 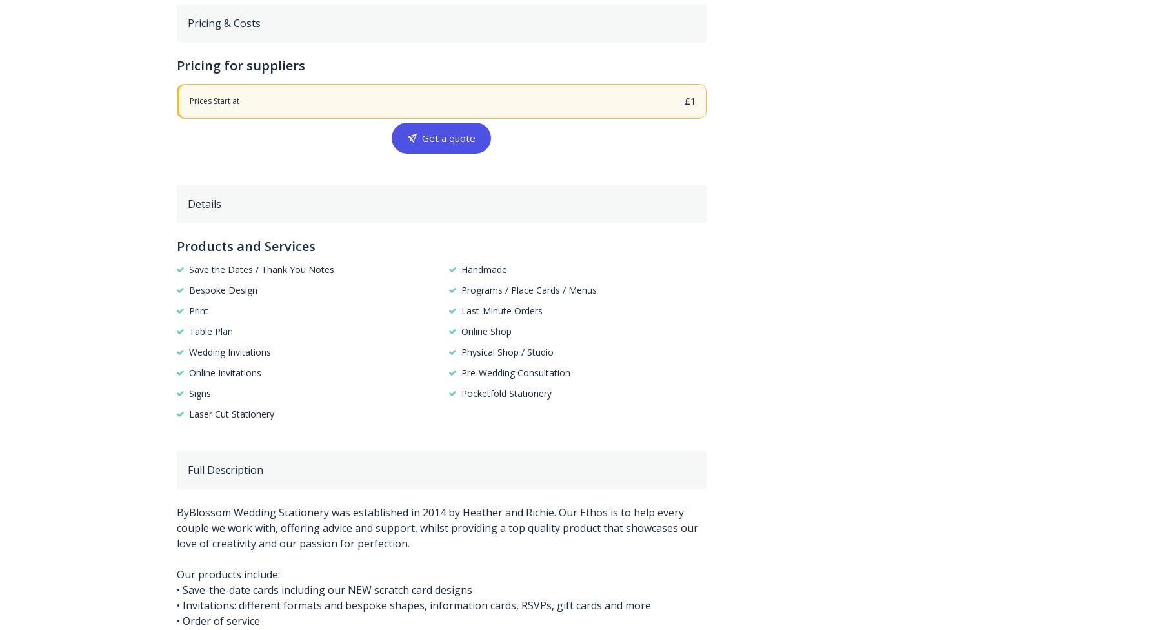 I want to click on 'Physical Shop / Studio', so click(x=507, y=351).